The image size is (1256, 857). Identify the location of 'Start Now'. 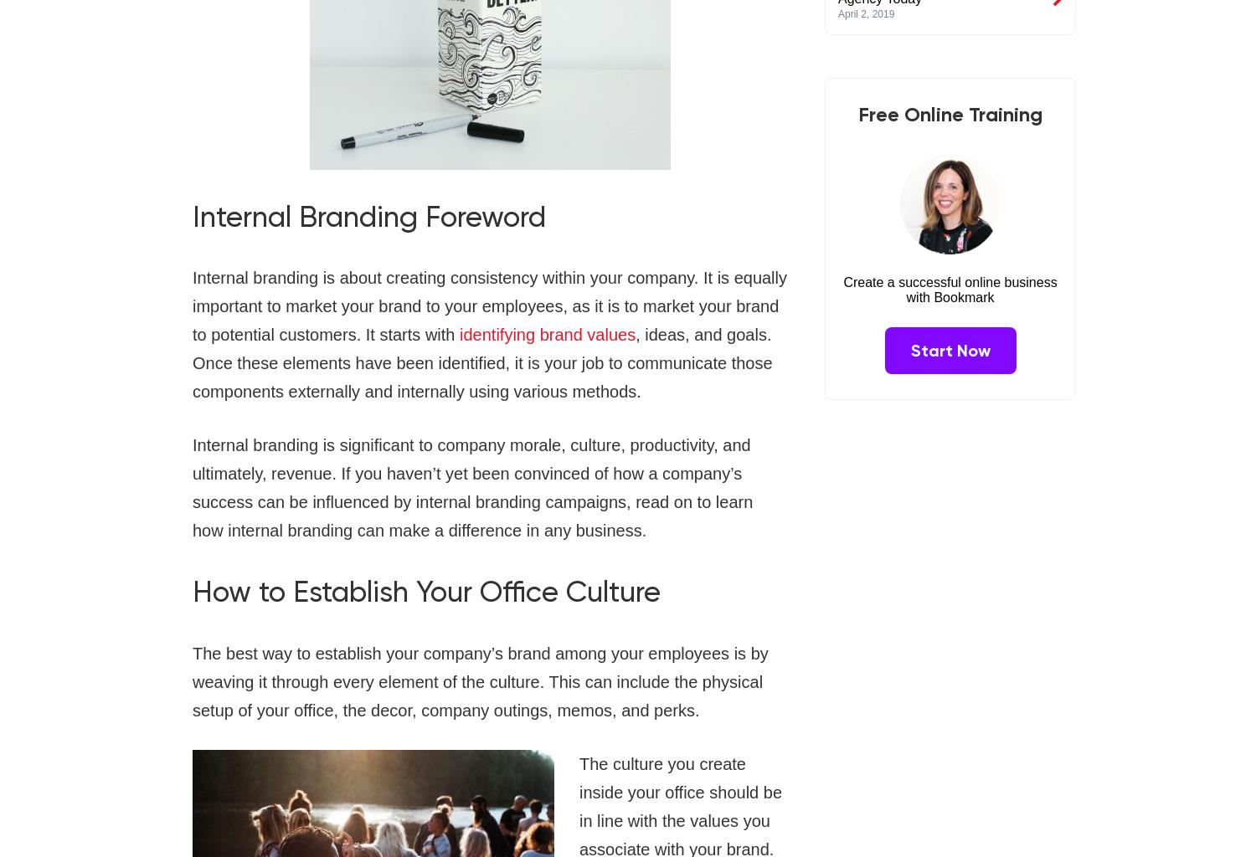
(909, 348).